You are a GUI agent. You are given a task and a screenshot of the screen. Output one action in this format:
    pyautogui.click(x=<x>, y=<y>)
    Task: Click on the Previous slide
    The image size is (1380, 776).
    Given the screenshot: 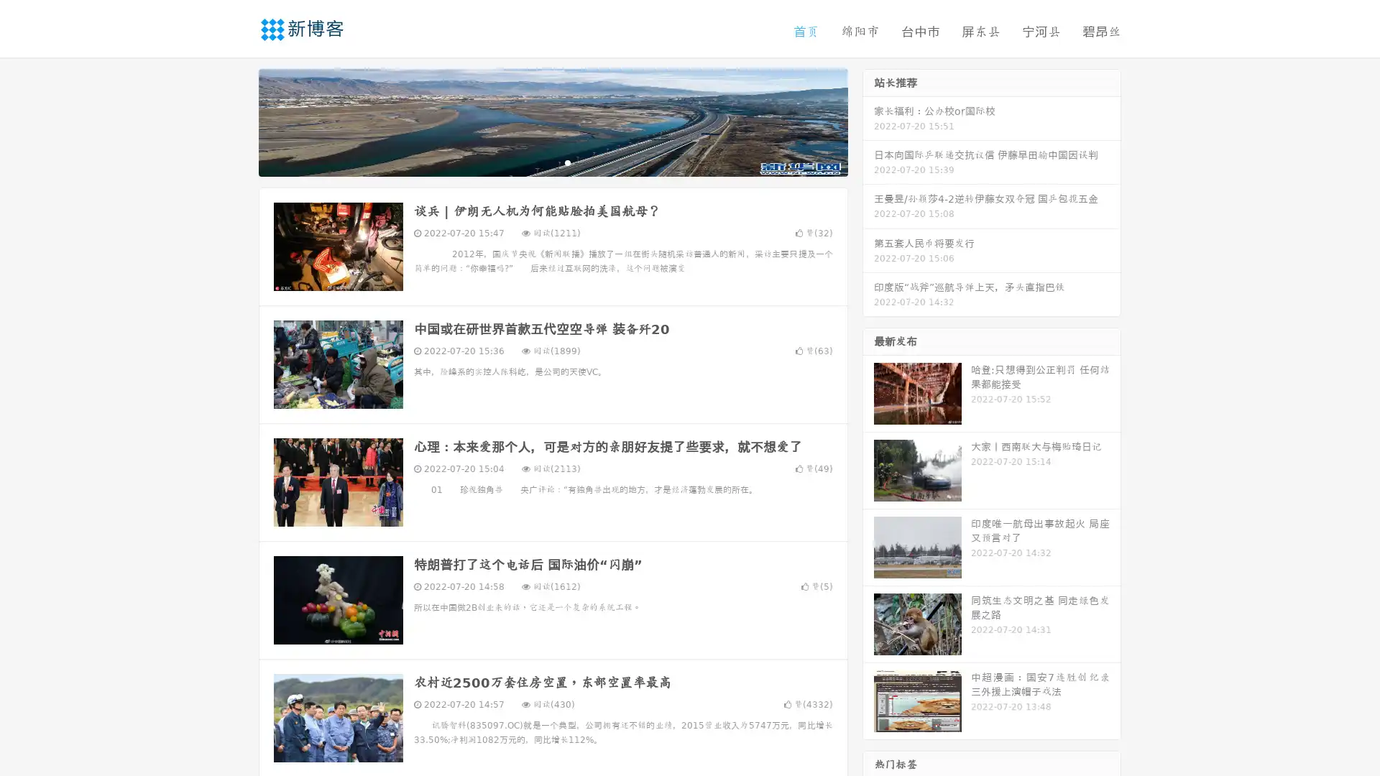 What is the action you would take?
    pyautogui.click(x=237, y=121)
    